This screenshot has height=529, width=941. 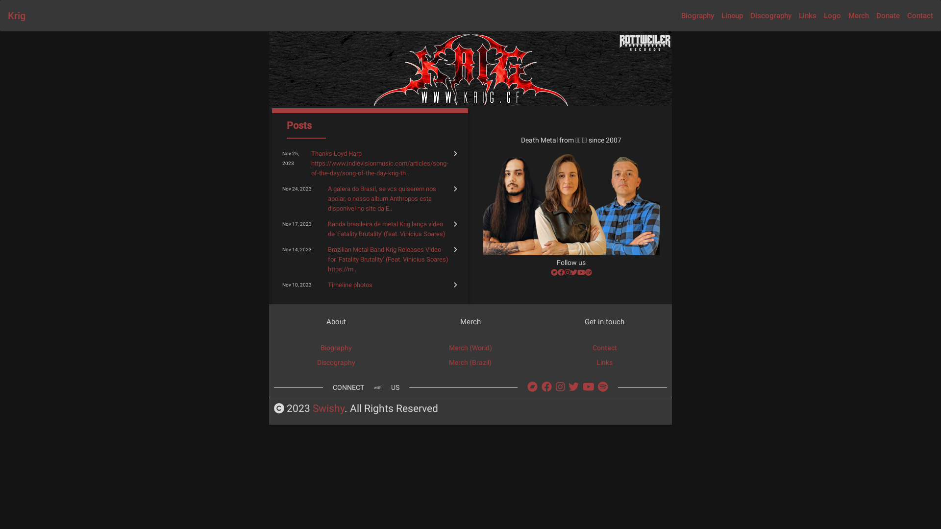 What do you see at coordinates (328, 409) in the screenshot?
I see `'Swishy'` at bounding box center [328, 409].